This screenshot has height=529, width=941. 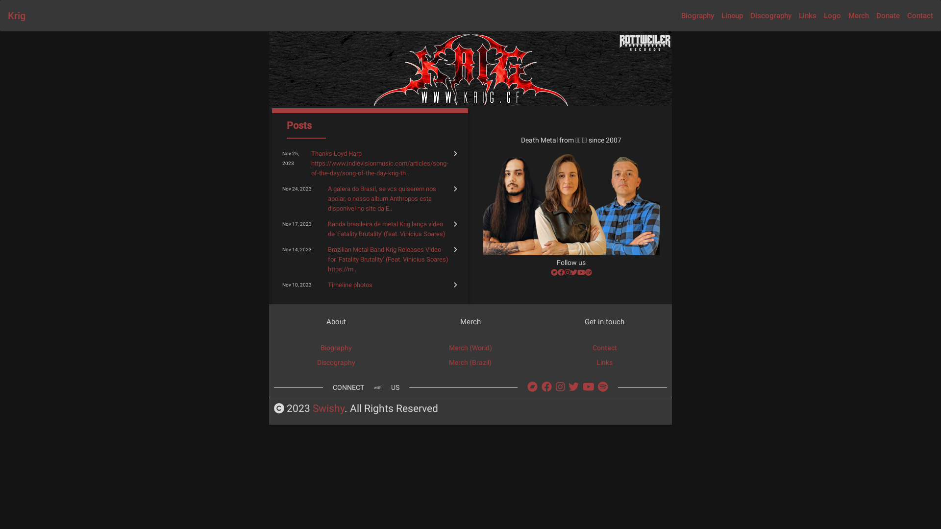 What do you see at coordinates (328, 409) in the screenshot?
I see `'Swishy'` at bounding box center [328, 409].